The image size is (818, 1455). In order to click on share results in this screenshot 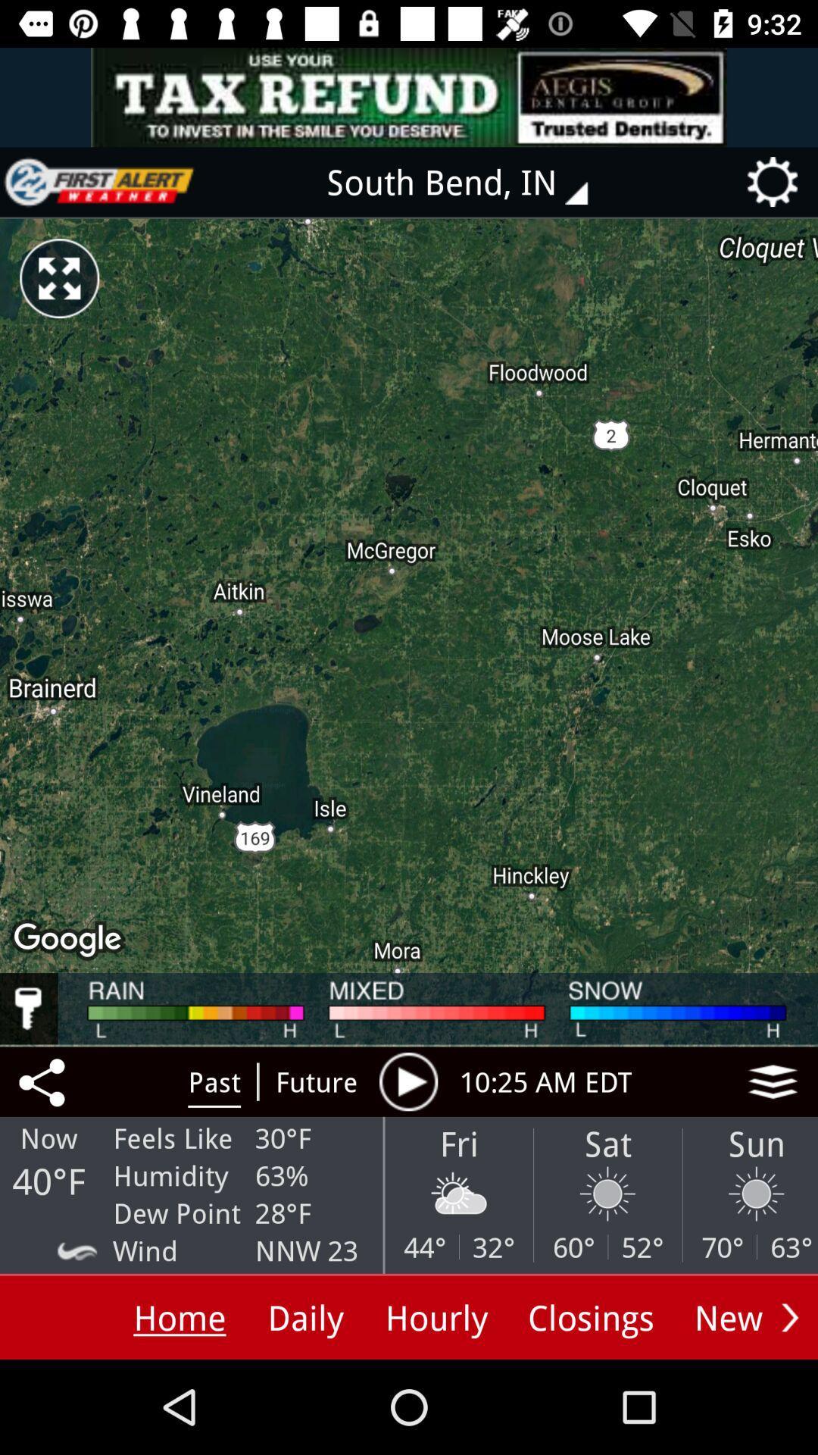, I will do `click(44, 1081)`.